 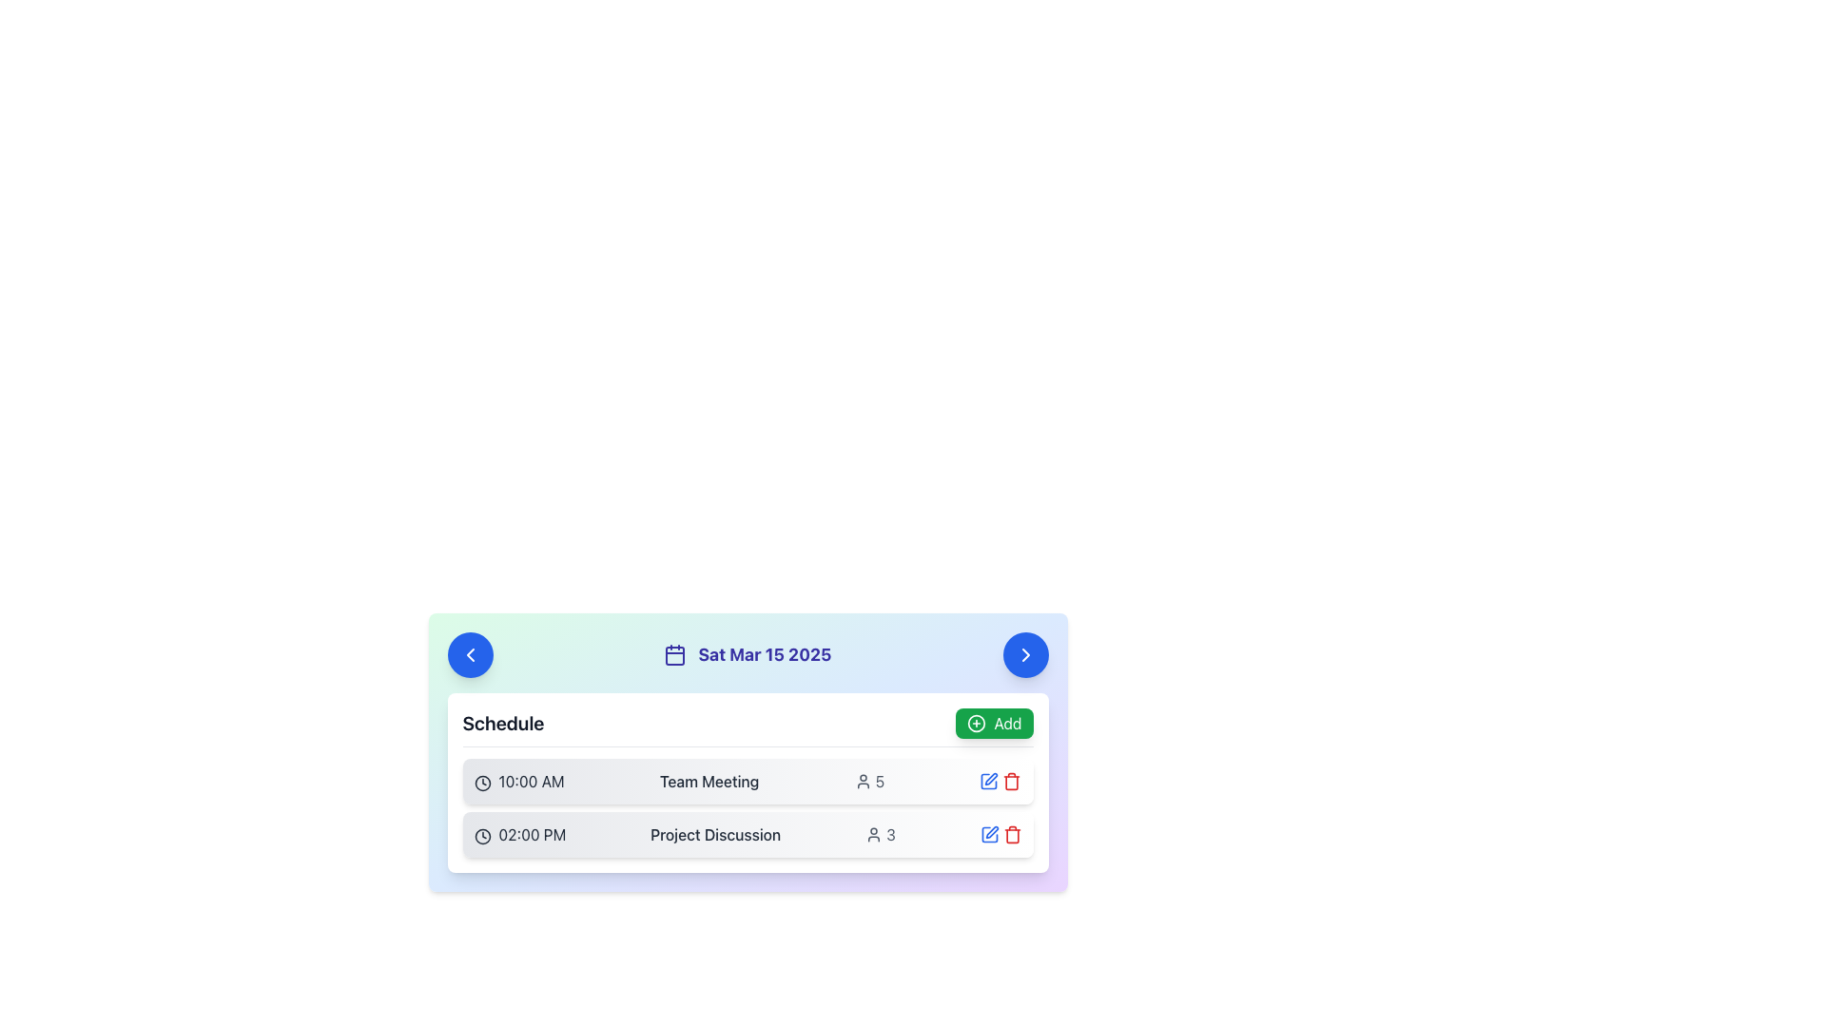 What do you see at coordinates (1000, 834) in the screenshot?
I see `the red trash bin icon at the far right of the '02:00 PM Project Discussion' row` at bounding box center [1000, 834].